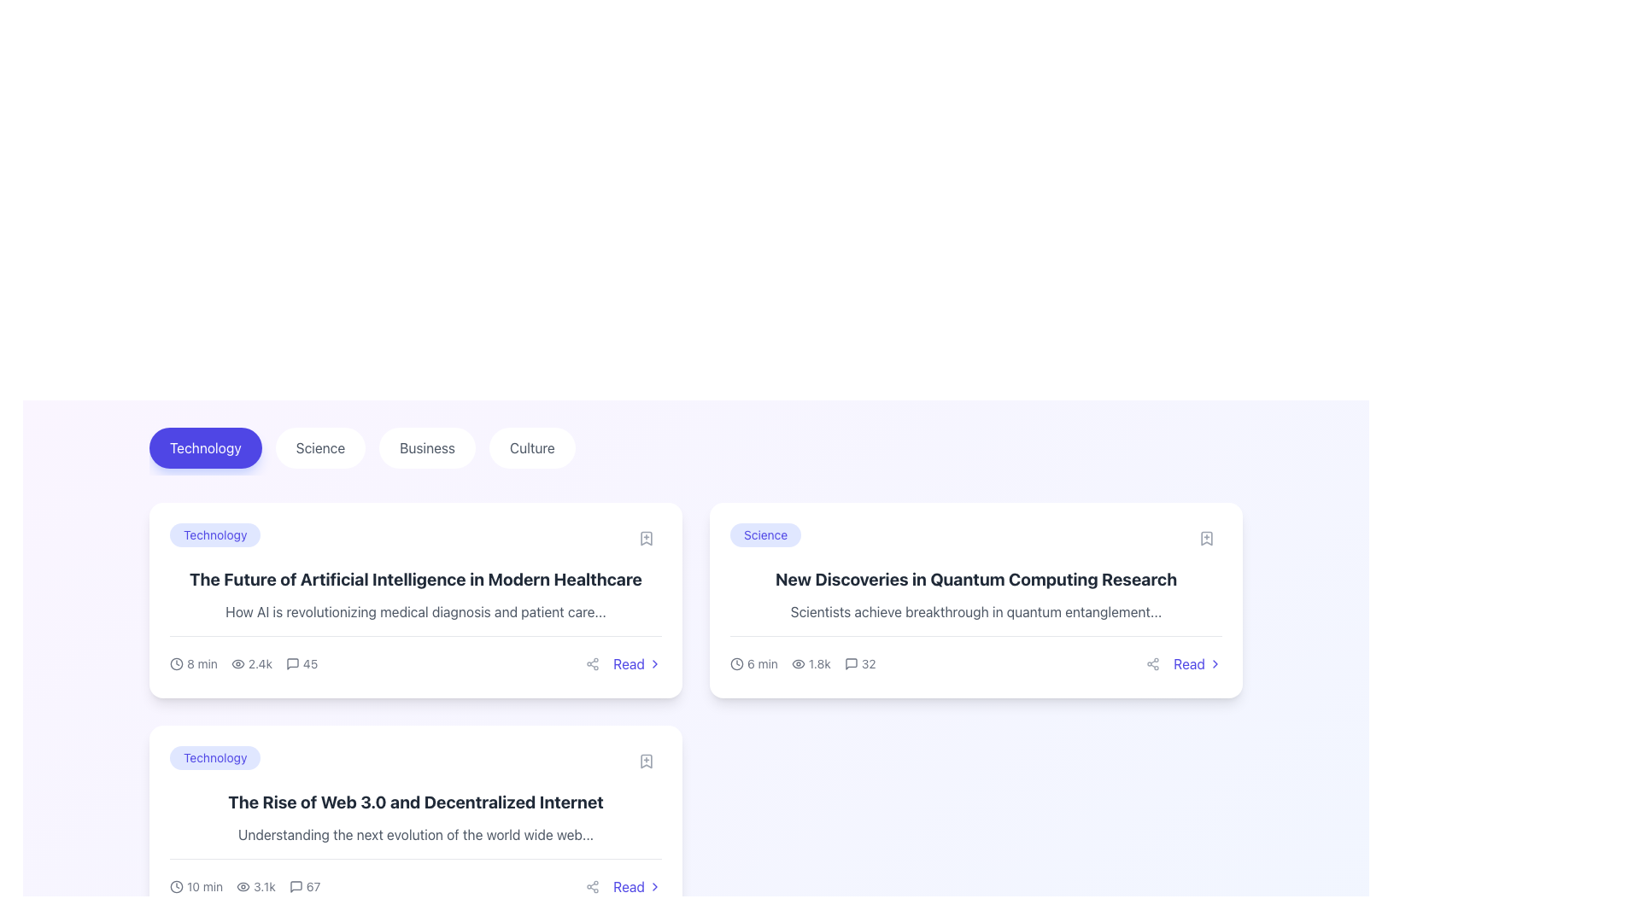 The width and height of the screenshot is (1640, 922). I want to click on the icon with text label that displays the number of views or impressions associated with the article, located in the first article card below the title and description, so click(250, 663).